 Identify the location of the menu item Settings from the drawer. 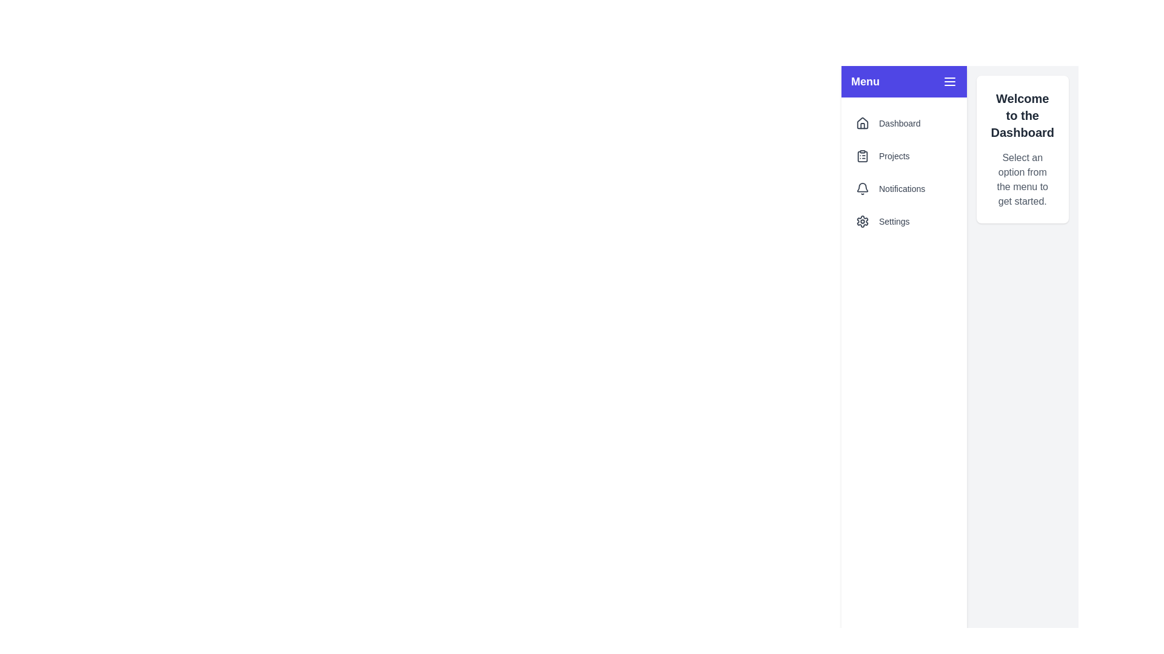
(904, 222).